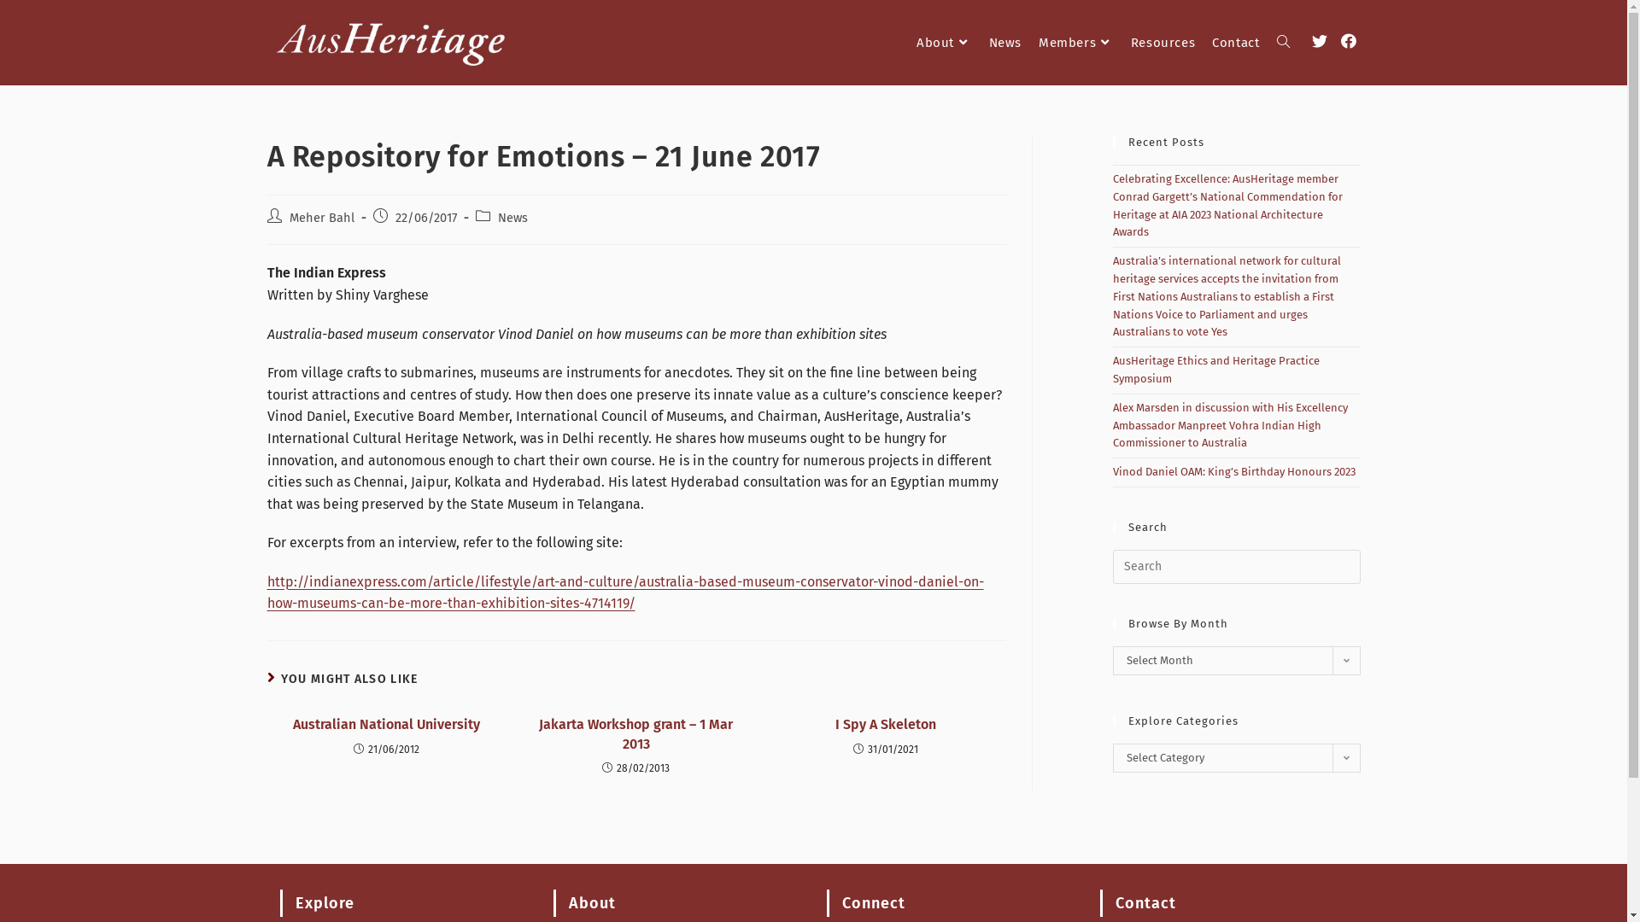 The height and width of the screenshot is (922, 1640). I want to click on 'About', so click(943, 42).